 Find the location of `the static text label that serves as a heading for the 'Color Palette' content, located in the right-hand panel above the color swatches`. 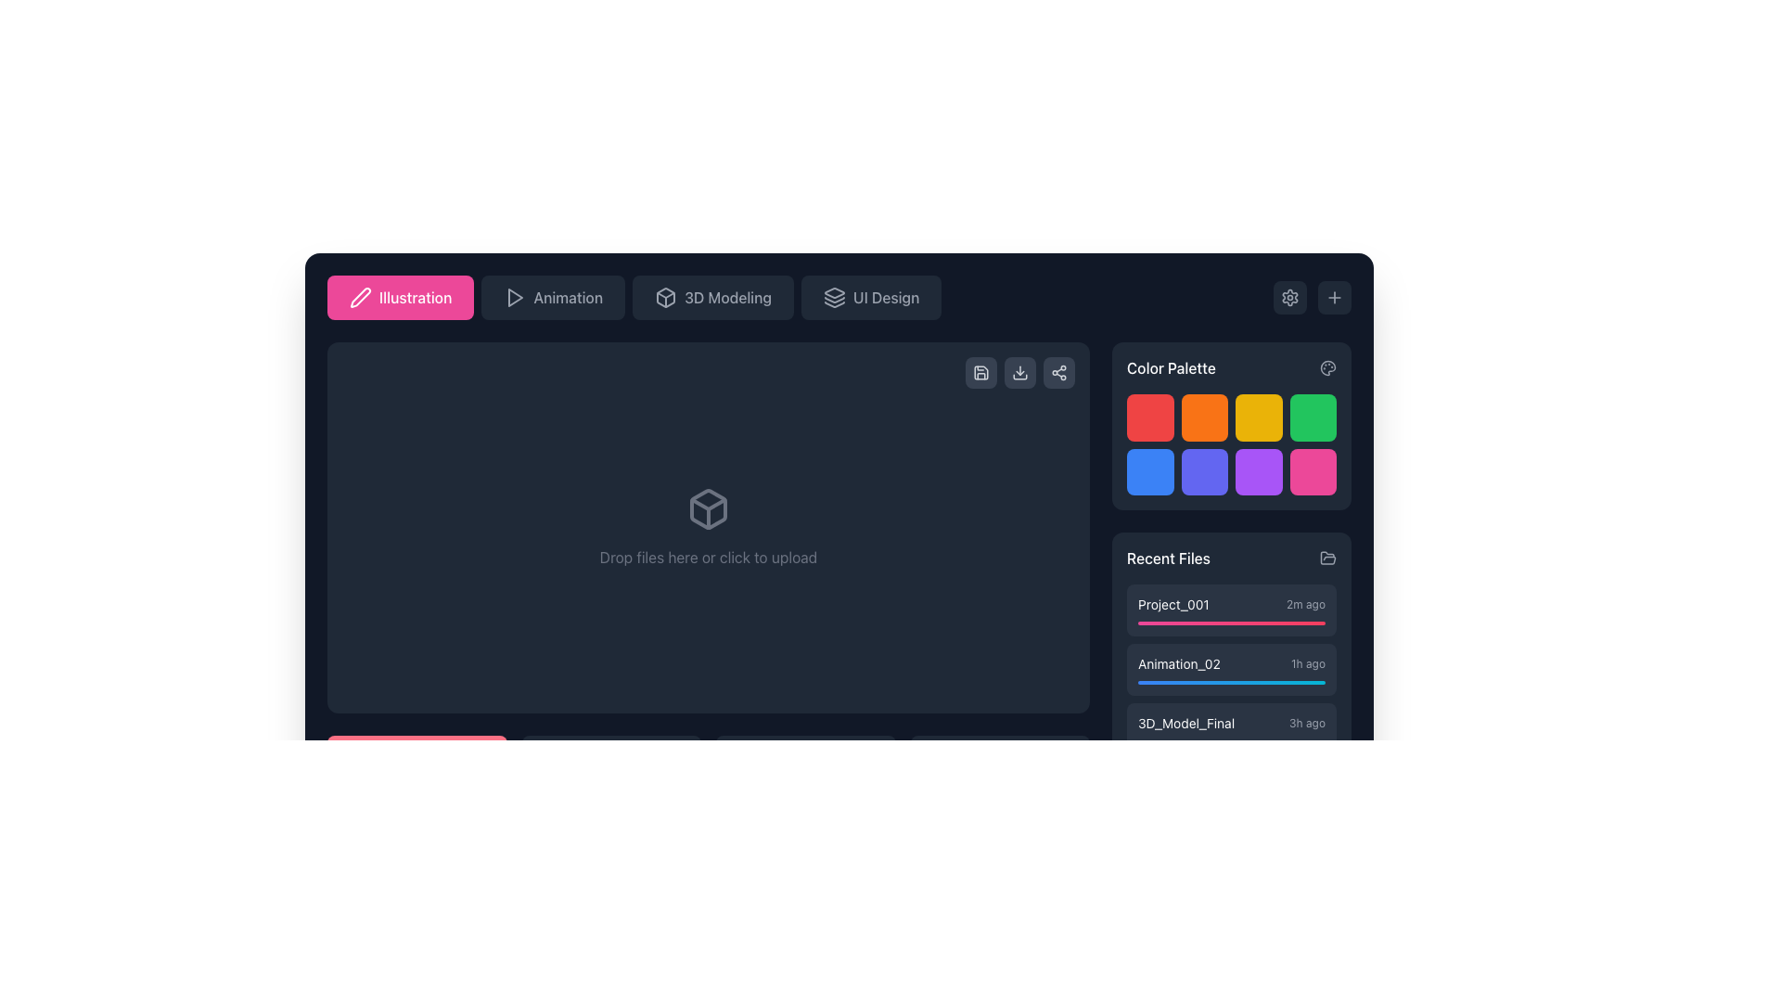

the static text label that serves as a heading for the 'Color Palette' content, located in the right-hand panel above the color swatches is located at coordinates (1170, 368).